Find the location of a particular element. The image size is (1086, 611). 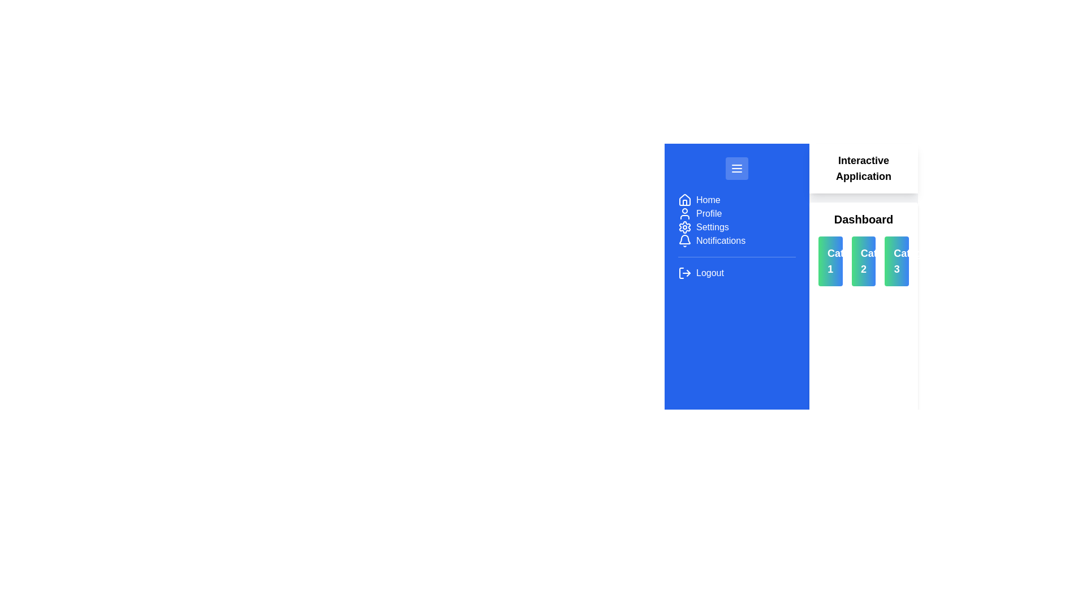

the 'Notifications' menu item in the vertical navigation menu, which features a bell icon and white text on a blue background is located at coordinates (736, 235).